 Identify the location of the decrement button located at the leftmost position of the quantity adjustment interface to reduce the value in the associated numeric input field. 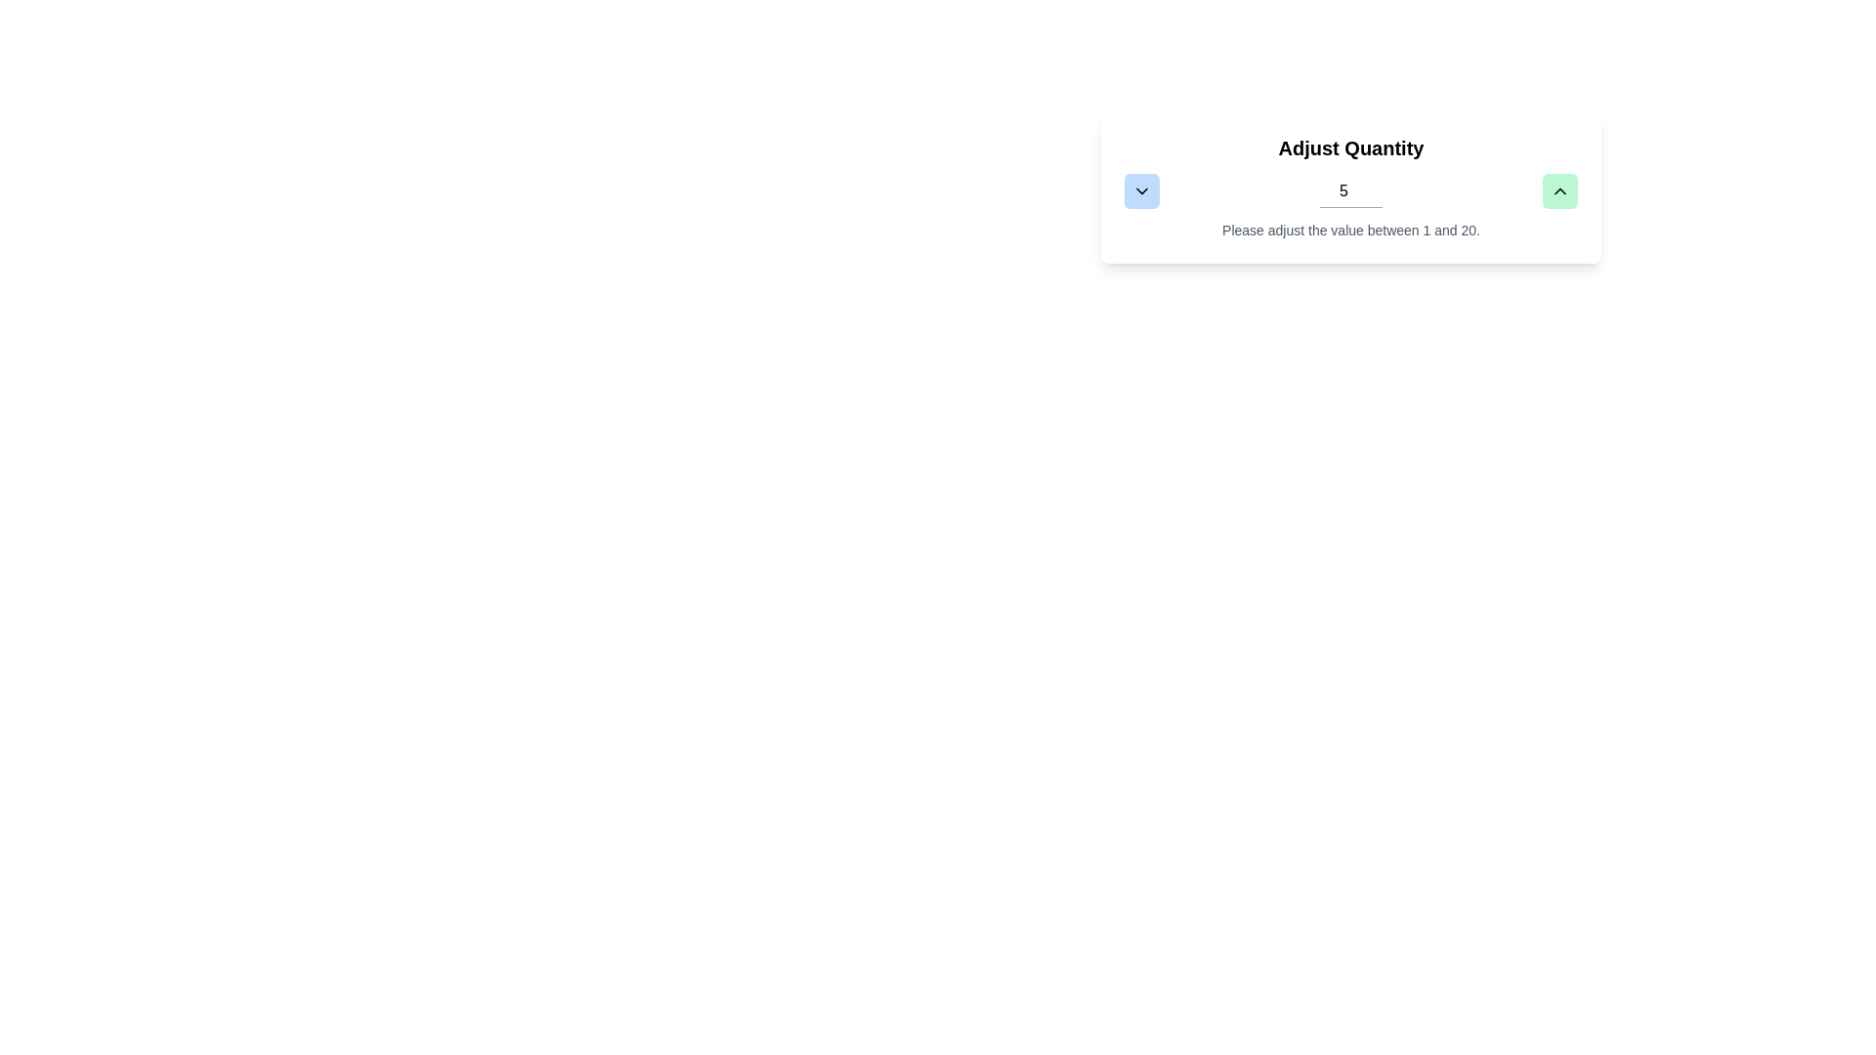
(1142, 191).